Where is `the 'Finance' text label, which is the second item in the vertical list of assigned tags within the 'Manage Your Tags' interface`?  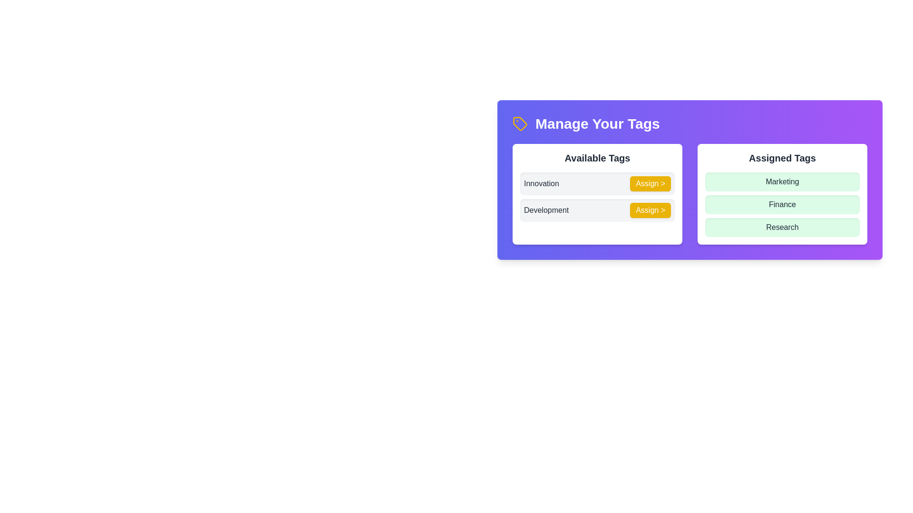 the 'Finance' text label, which is the second item in the vertical list of assigned tags within the 'Manage Your Tags' interface is located at coordinates (782, 204).